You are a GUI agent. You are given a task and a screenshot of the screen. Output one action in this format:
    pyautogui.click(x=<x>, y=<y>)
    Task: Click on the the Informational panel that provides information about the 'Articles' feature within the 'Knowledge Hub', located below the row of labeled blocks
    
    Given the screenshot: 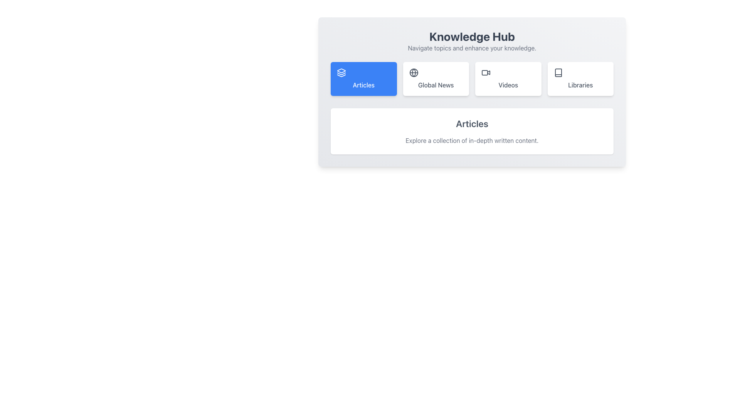 What is the action you would take?
    pyautogui.click(x=471, y=131)
    